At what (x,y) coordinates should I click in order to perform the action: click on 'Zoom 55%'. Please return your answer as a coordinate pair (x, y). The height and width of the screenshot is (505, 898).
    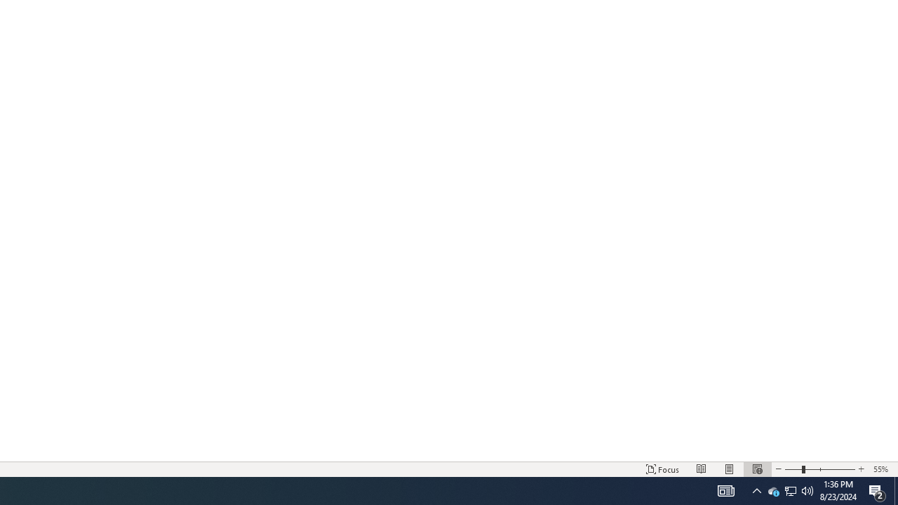
    Looking at the image, I should click on (882, 469).